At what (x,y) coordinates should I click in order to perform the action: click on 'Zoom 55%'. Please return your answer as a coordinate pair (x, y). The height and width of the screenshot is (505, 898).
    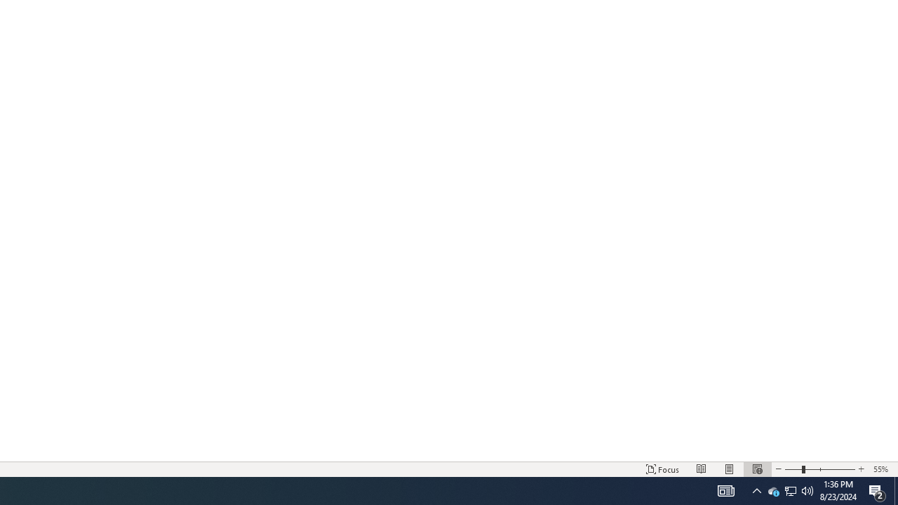
    Looking at the image, I should click on (882, 469).